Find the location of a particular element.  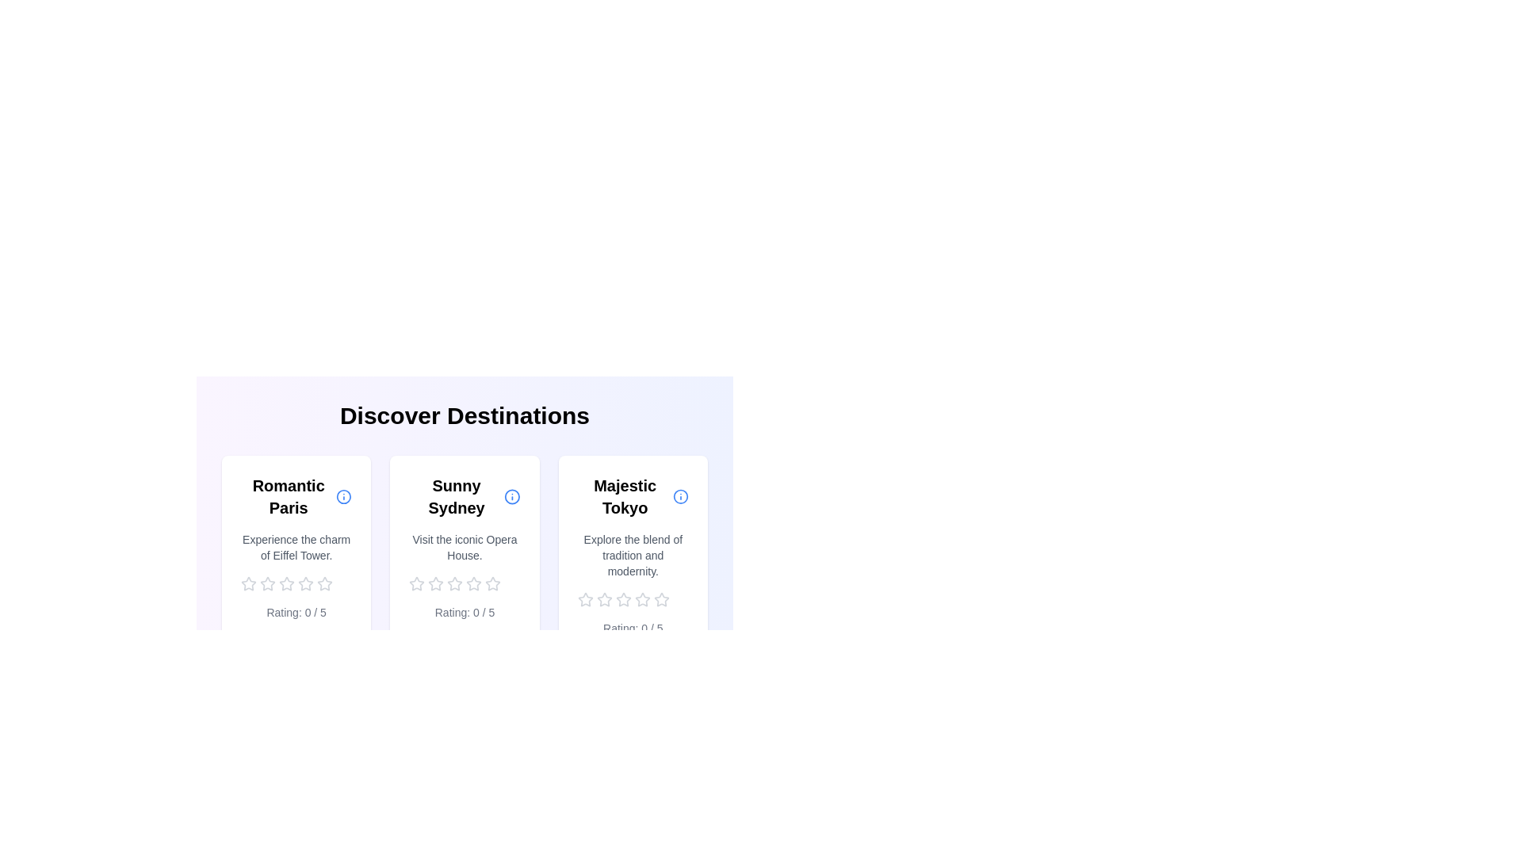

the title and description of the location card for 'Romantic Paris' is located at coordinates (296, 496).